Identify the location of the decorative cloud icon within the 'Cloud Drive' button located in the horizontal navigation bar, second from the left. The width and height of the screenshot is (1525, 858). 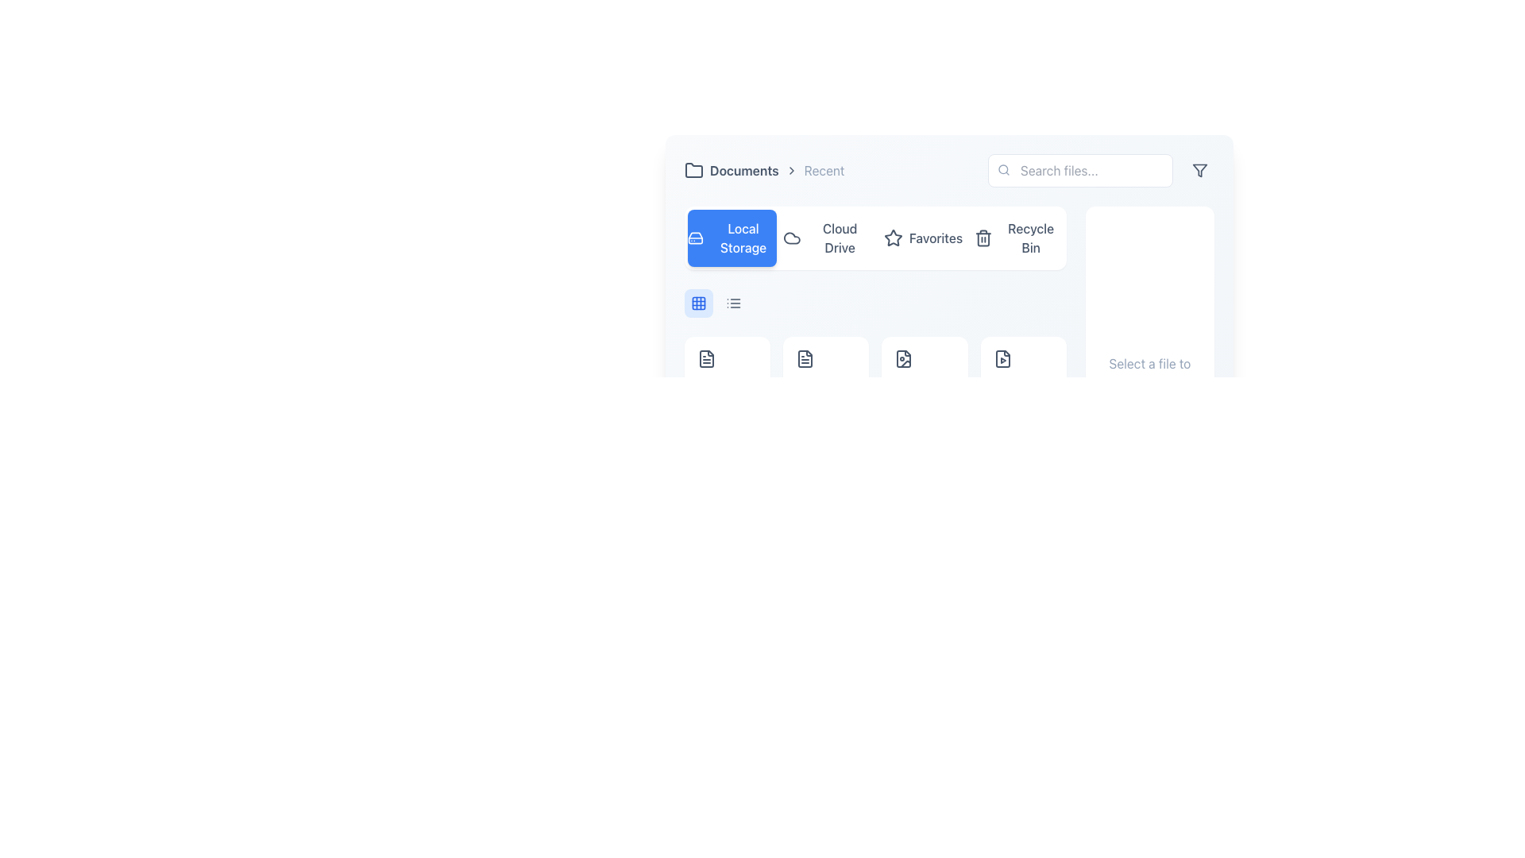
(792, 238).